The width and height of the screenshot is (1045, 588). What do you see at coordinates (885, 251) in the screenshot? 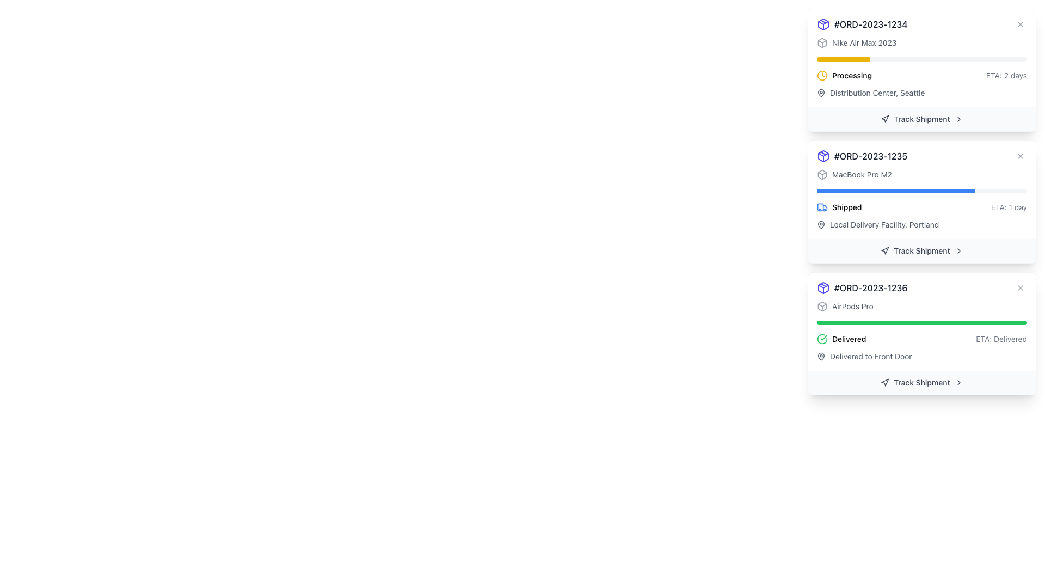
I see `the SVG graphic icon that signifies navigation or direction, located to the left of the 'Track Shipment' button text` at bounding box center [885, 251].